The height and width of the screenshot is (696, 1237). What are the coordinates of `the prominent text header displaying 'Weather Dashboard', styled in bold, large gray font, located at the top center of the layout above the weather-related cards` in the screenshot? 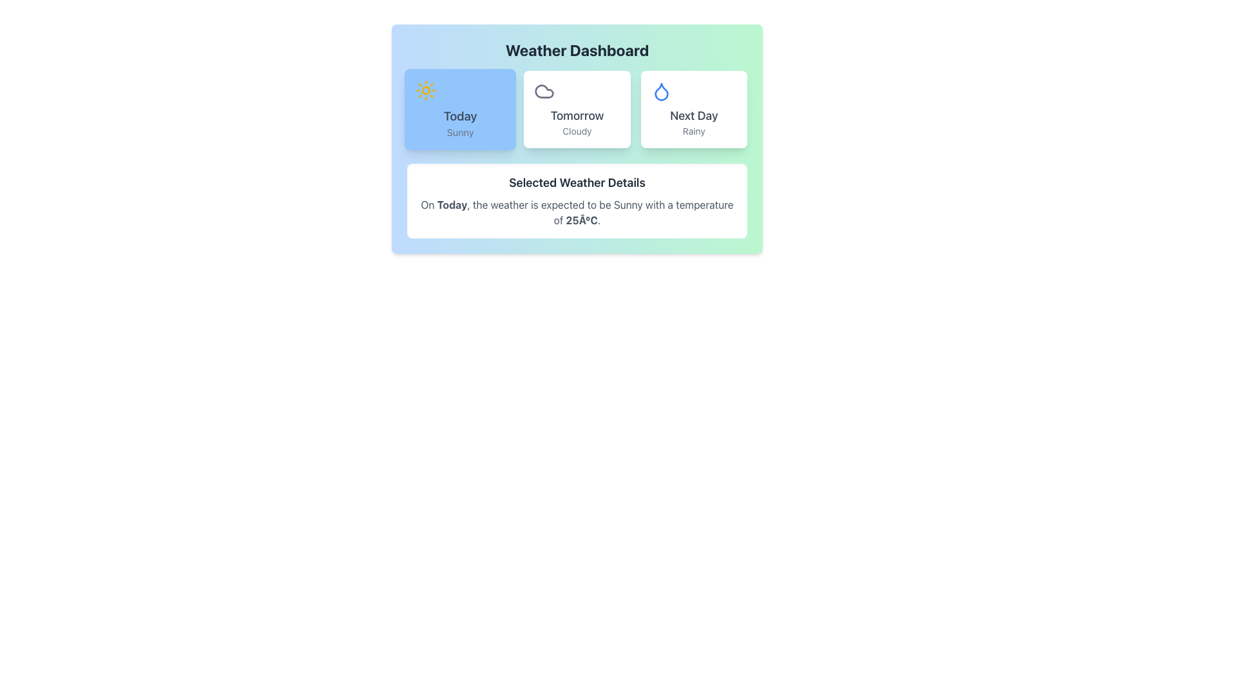 It's located at (577, 49).